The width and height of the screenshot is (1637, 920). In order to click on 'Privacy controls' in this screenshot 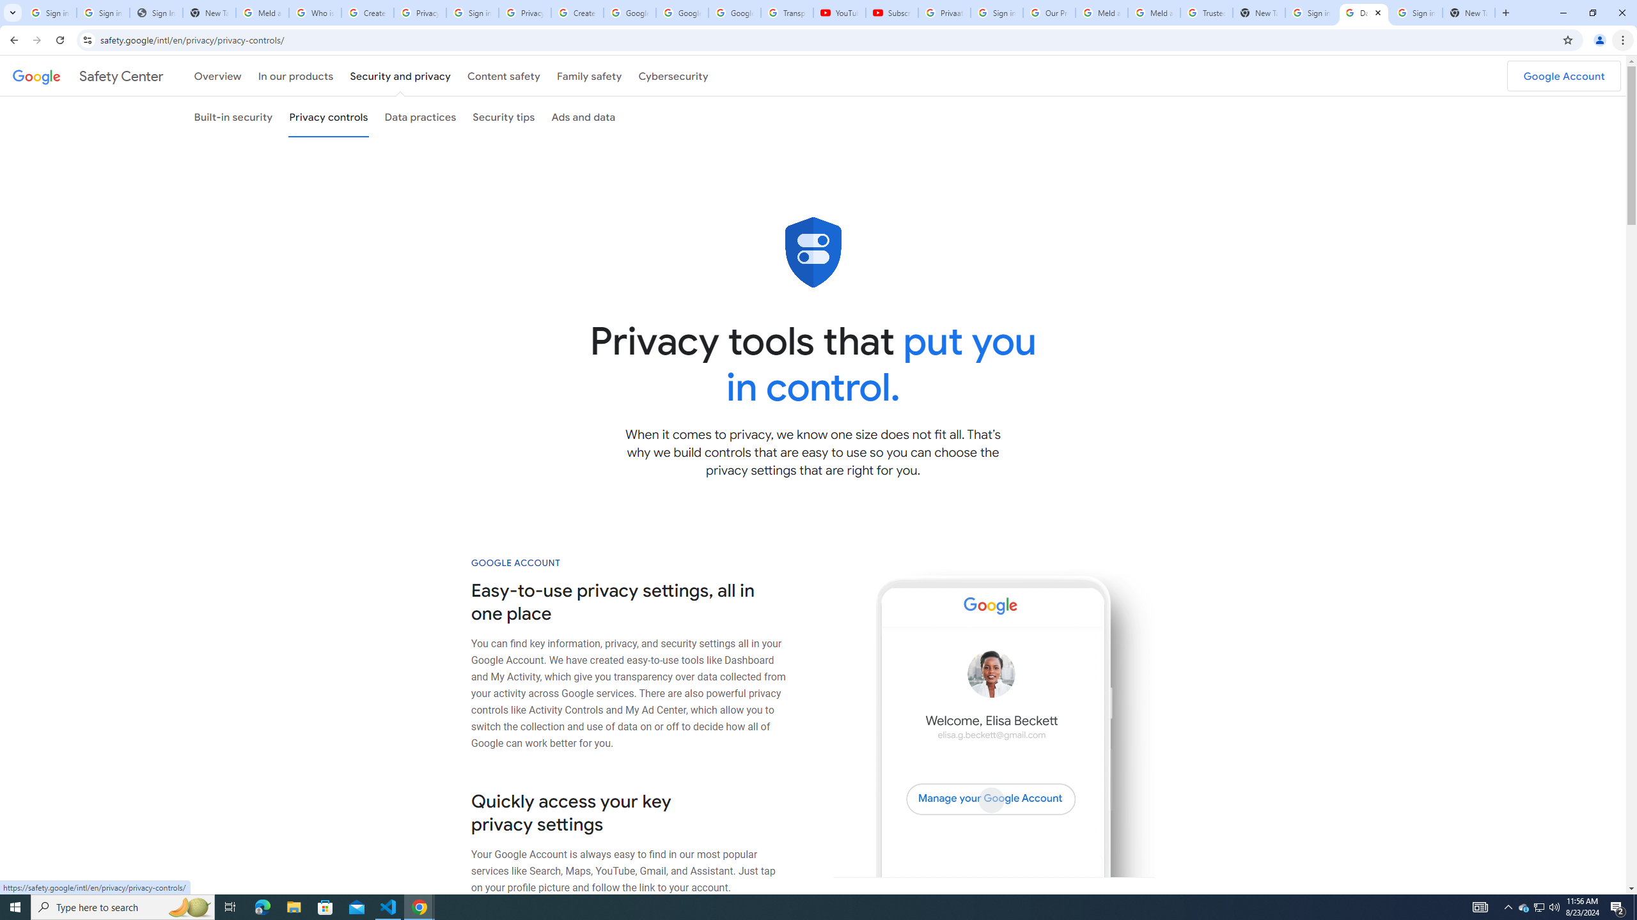, I will do `click(328, 116)`.